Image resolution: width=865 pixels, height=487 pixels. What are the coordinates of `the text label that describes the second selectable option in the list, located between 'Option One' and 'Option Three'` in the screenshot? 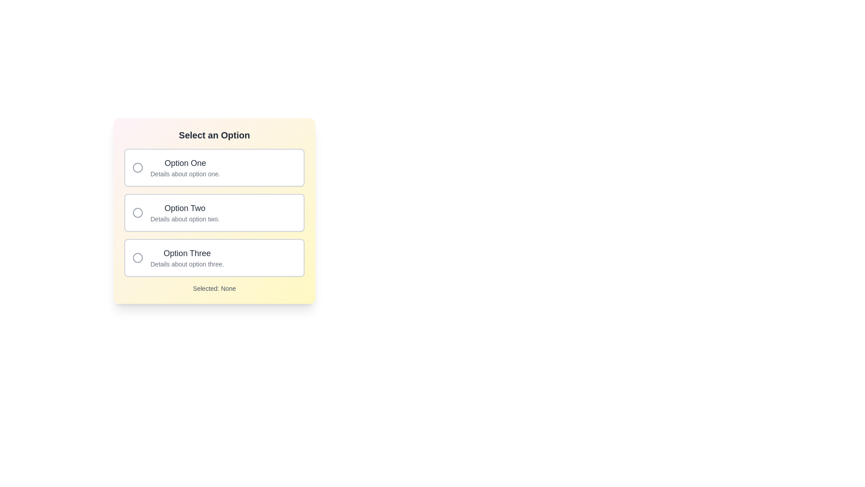 It's located at (184, 212).